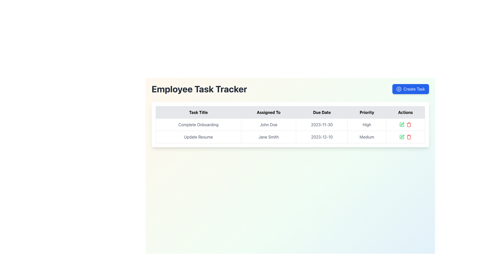  Describe the element at coordinates (402, 124) in the screenshot. I see `the edit icon in the Actions column of the second task ('Update Resume')` at that location.